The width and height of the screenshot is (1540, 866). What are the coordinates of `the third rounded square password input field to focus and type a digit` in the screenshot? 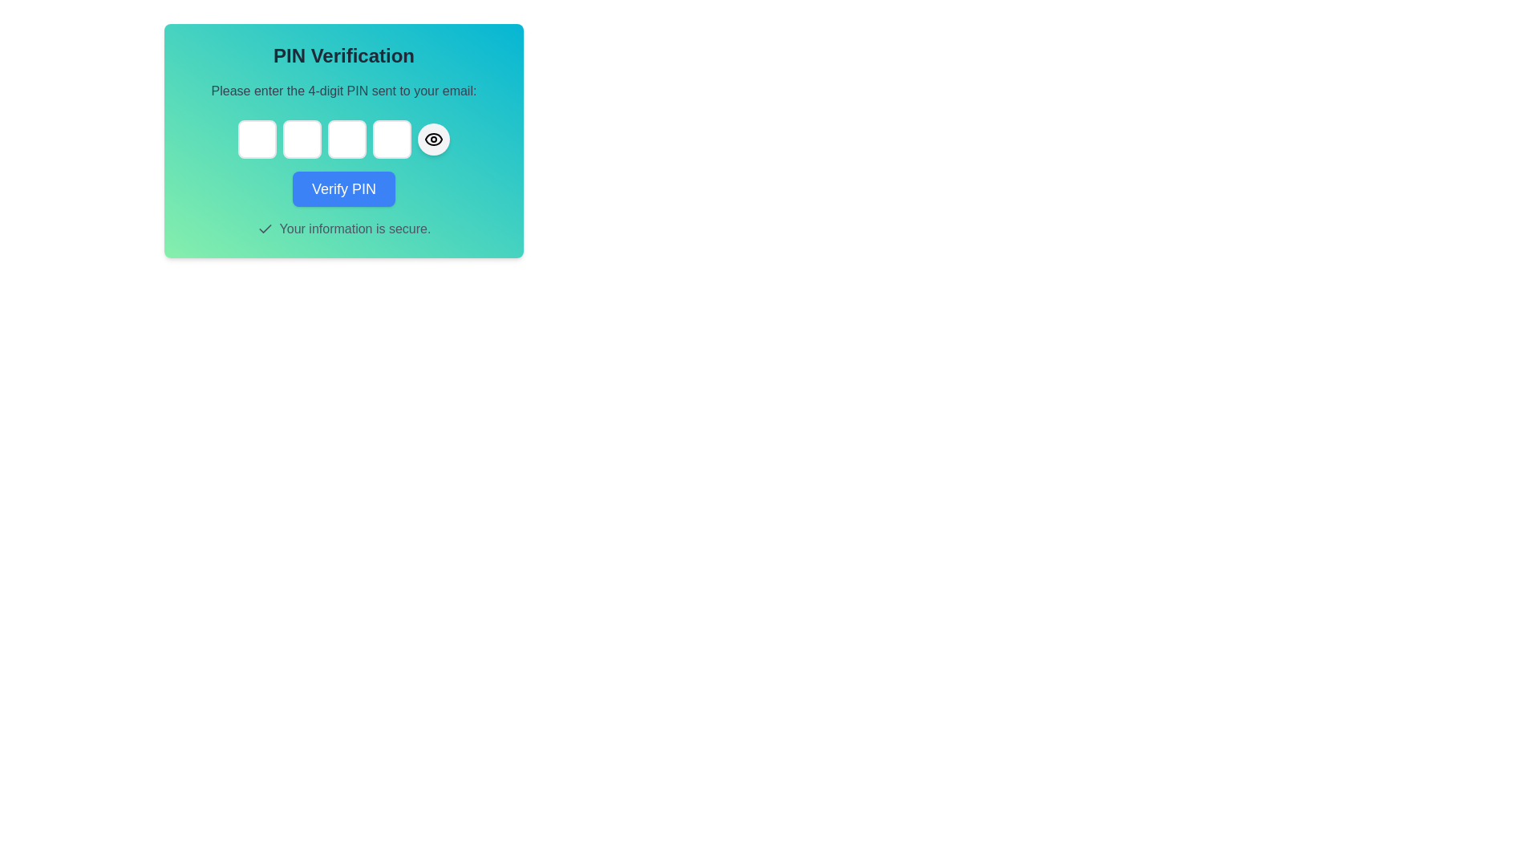 It's located at (342, 140).